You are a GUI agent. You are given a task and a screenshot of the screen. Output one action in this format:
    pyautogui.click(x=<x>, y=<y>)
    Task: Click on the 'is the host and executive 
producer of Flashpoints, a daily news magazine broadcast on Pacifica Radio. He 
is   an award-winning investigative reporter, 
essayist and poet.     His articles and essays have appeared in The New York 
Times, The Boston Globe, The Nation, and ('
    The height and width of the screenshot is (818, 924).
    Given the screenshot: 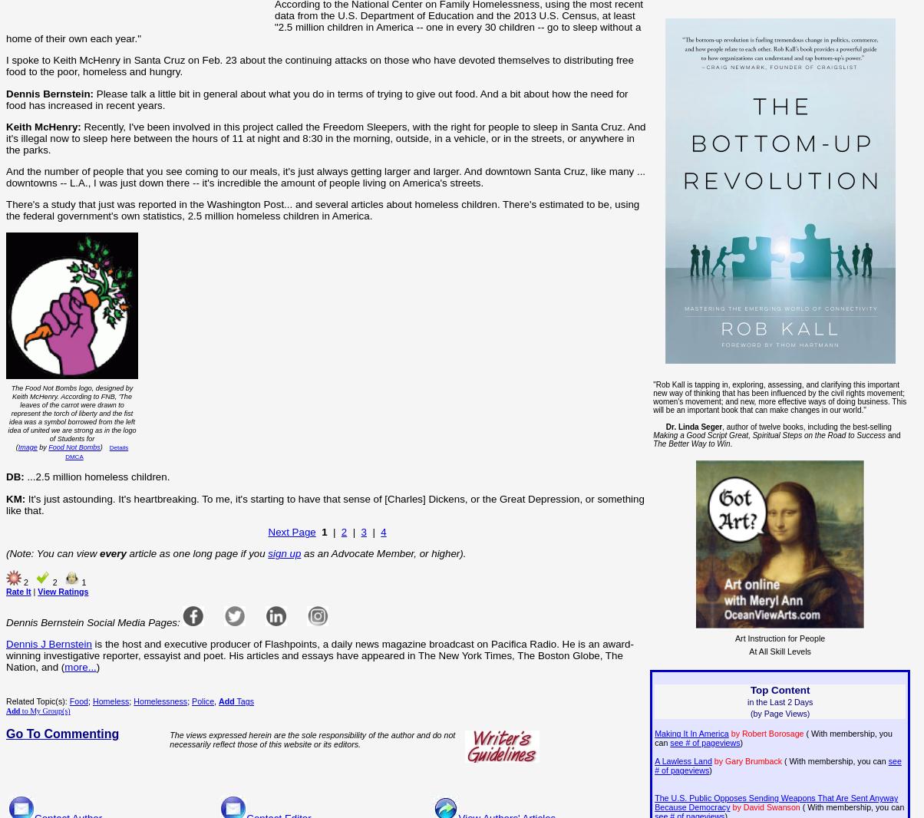 What is the action you would take?
    pyautogui.click(x=319, y=655)
    